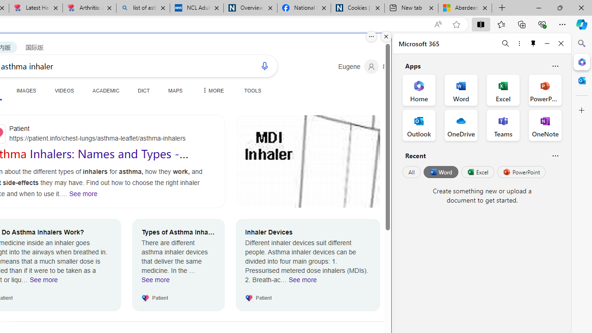  What do you see at coordinates (503, 125) in the screenshot?
I see `'Teams Office App'` at bounding box center [503, 125].